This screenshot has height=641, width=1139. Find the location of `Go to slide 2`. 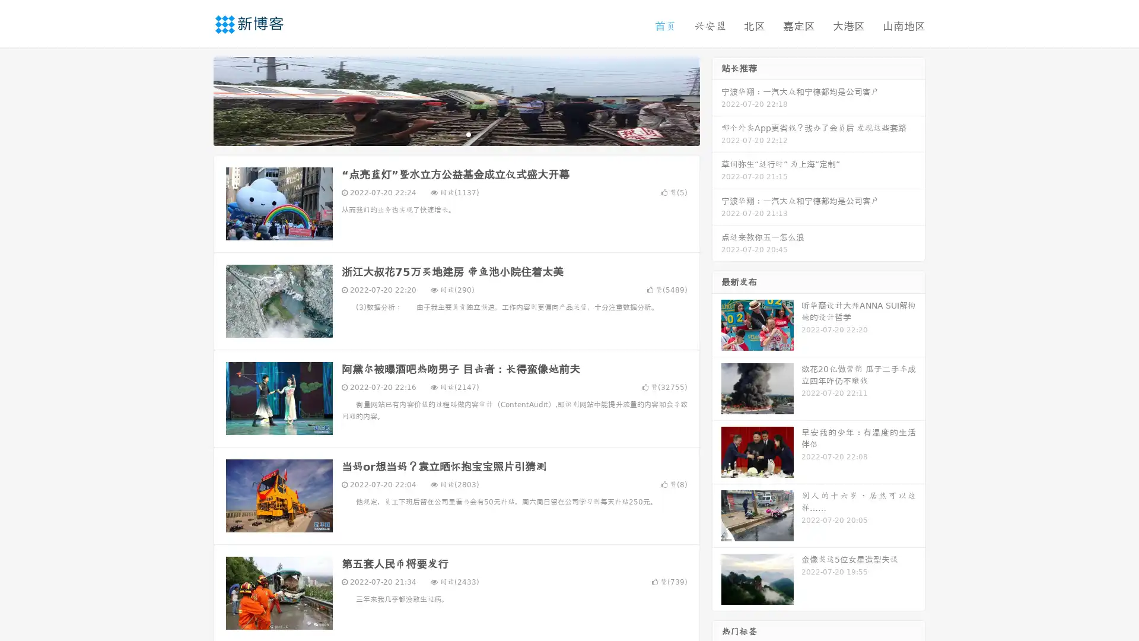

Go to slide 2 is located at coordinates (456, 134).